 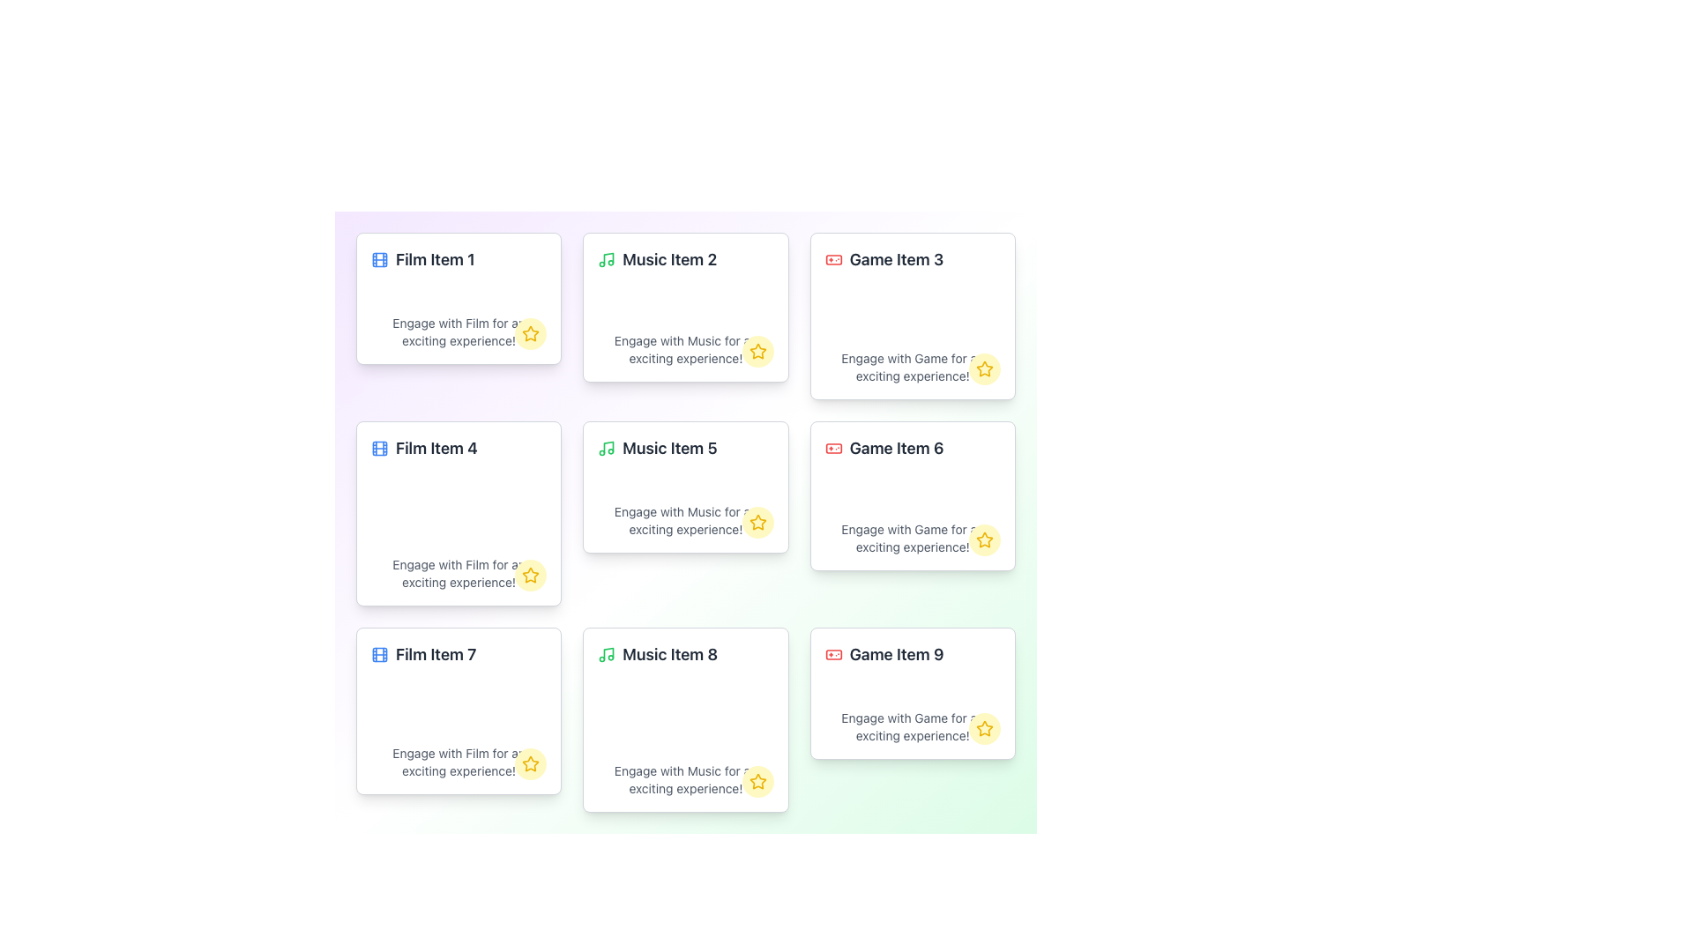 I want to click on the star-shaped icon button with a yellow background located in the bottom-right corner of the 'Music Item 2' card, so click(x=757, y=351).